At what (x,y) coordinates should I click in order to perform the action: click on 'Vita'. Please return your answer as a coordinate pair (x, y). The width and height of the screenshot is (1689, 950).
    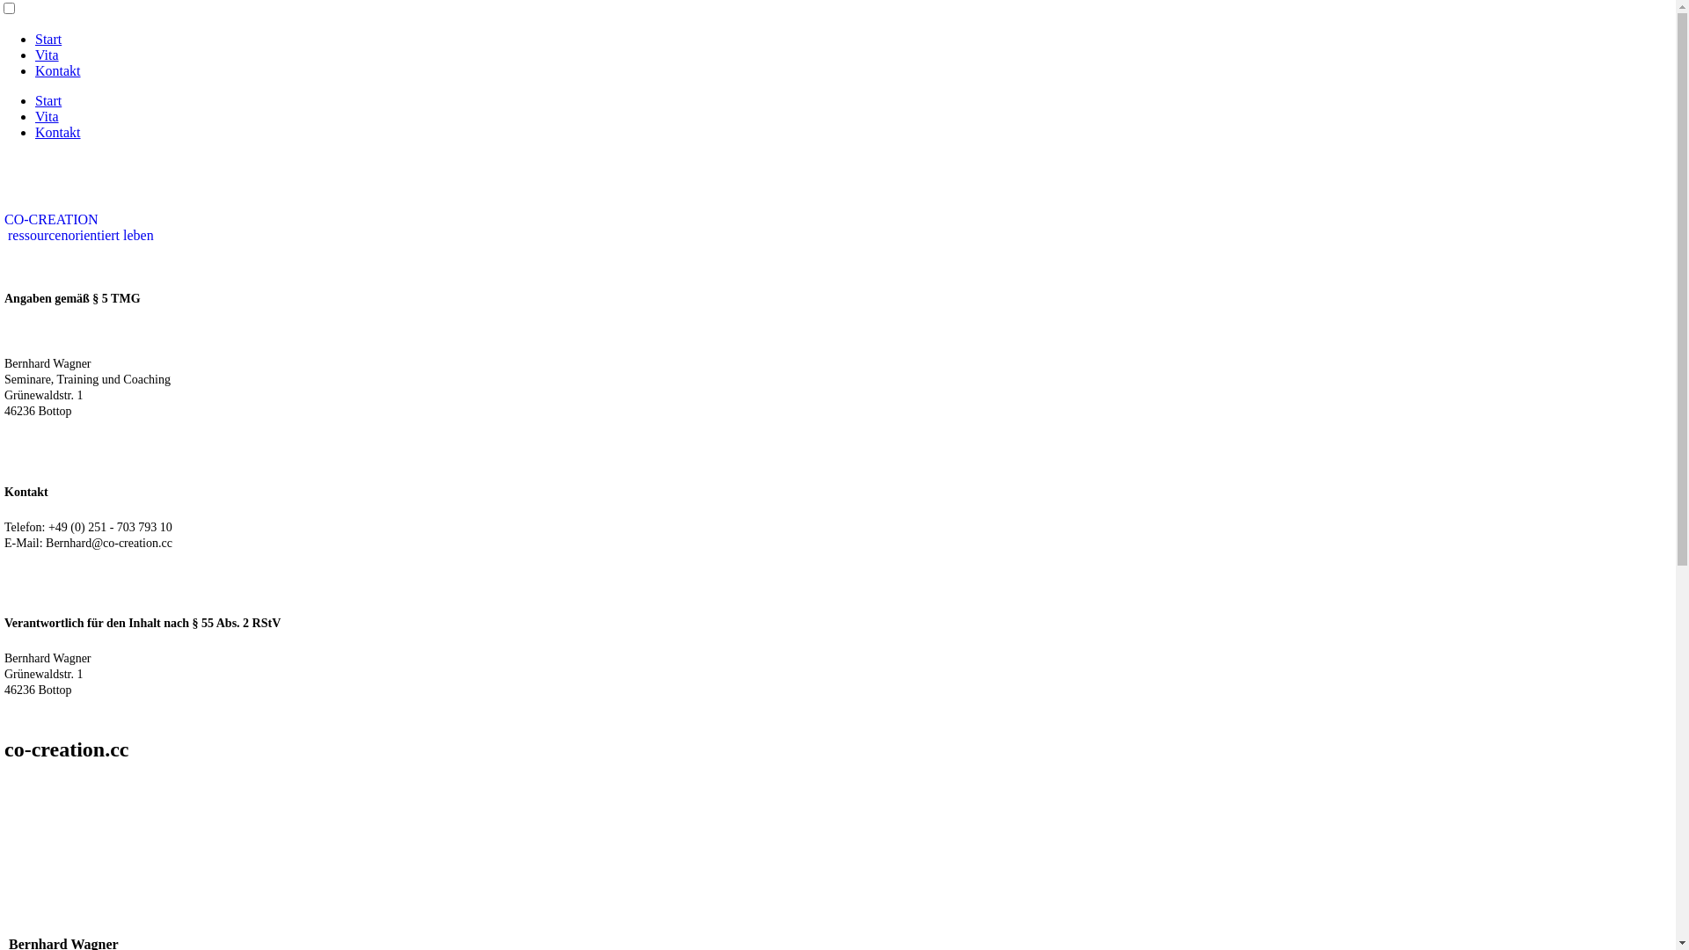
    Looking at the image, I should click on (47, 54).